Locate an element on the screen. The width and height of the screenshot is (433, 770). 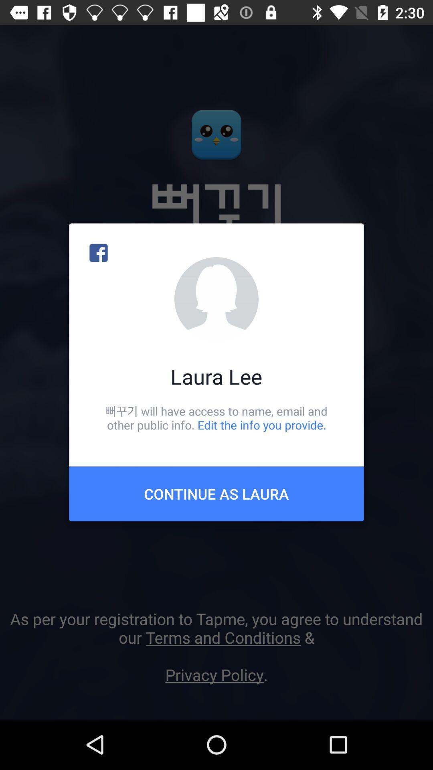
the continue as laura is located at coordinates (216, 493).